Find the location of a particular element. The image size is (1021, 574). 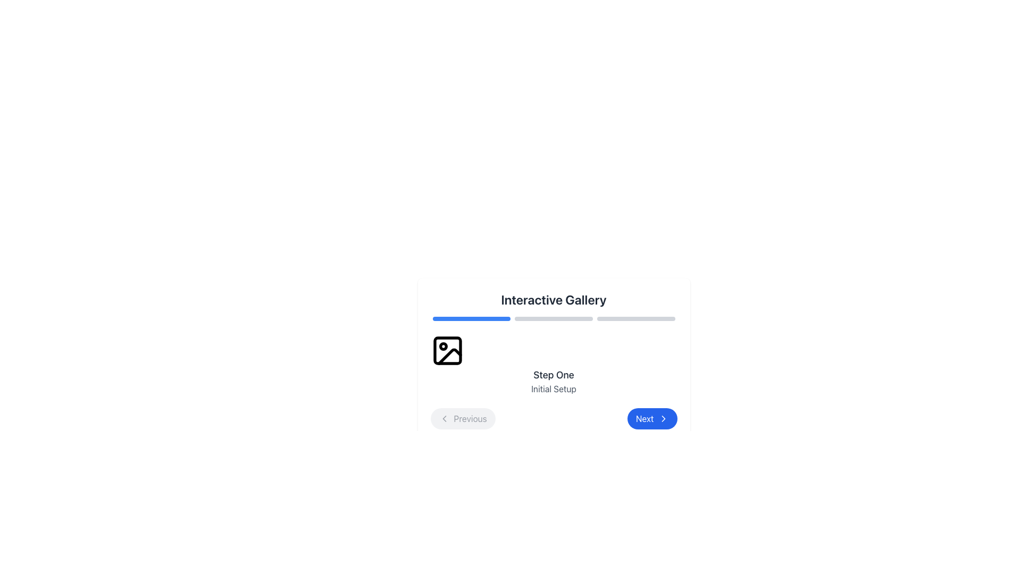

the 'Previous' button icon, which is a chevron located to the left of the 'Previous' text at the lower-left corner of the card content is located at coordinates (444, 418).